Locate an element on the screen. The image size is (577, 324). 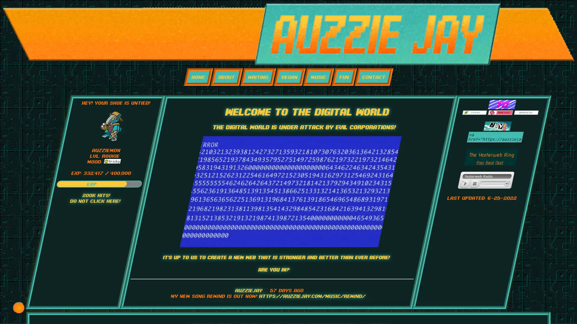
FUN is located at coordinates (344, 76).